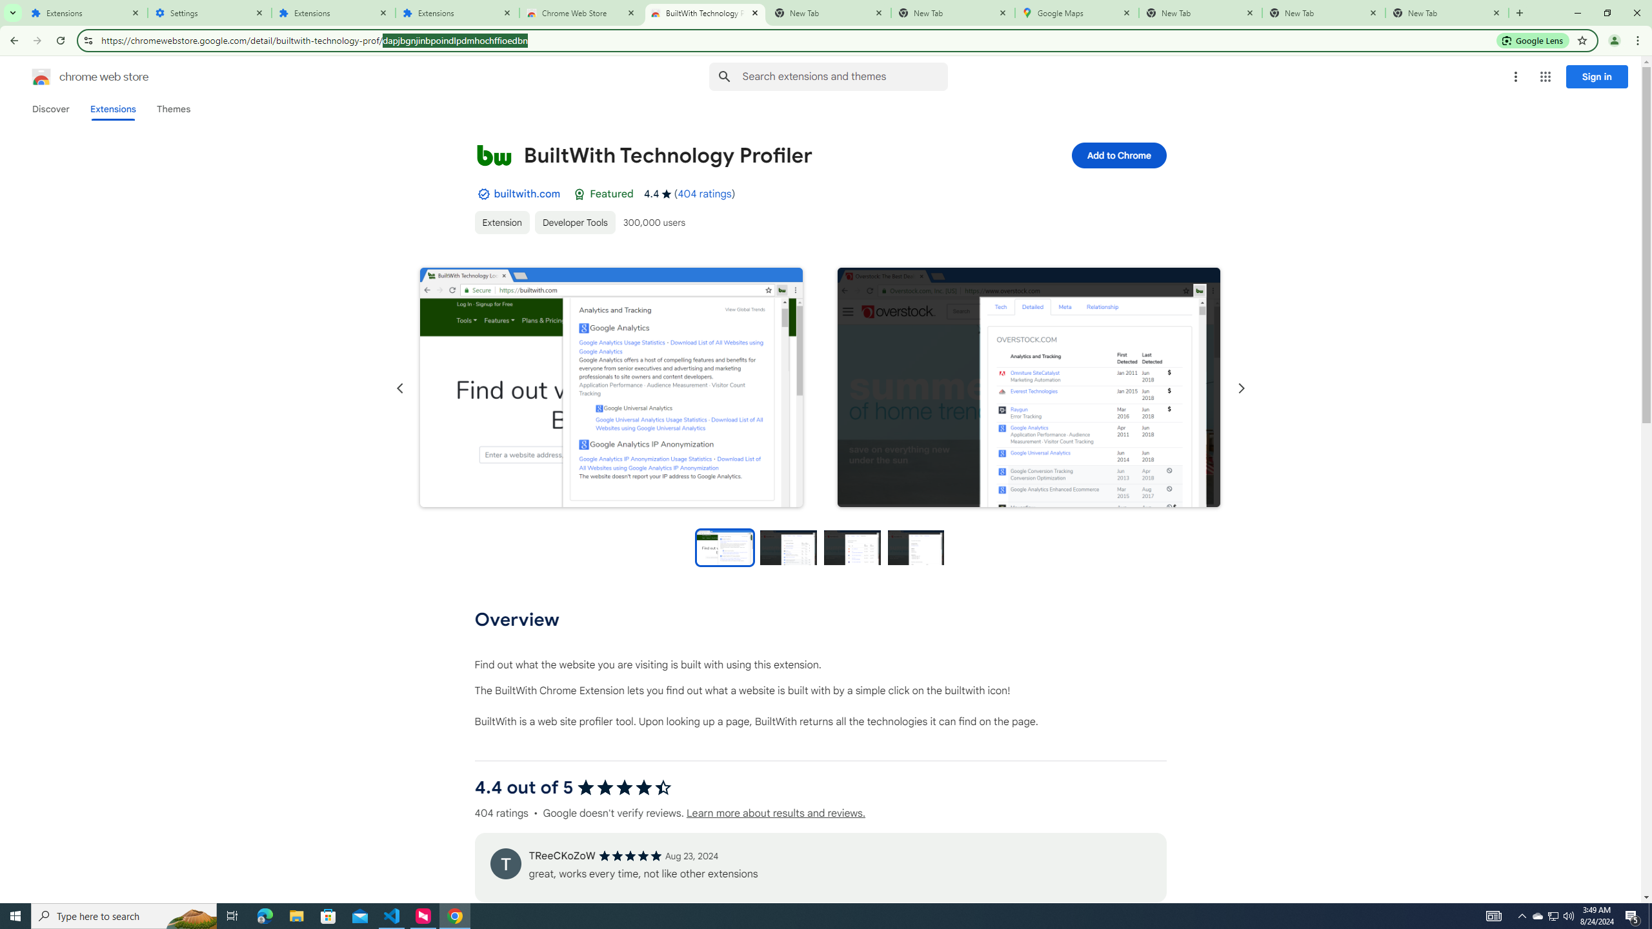 Image resolution: width=1652 pixels, height=929 pixels. Describe the element at coordinates (610, 387) in the screenshot. I see `'Item media 1 screenshot'` at that location.